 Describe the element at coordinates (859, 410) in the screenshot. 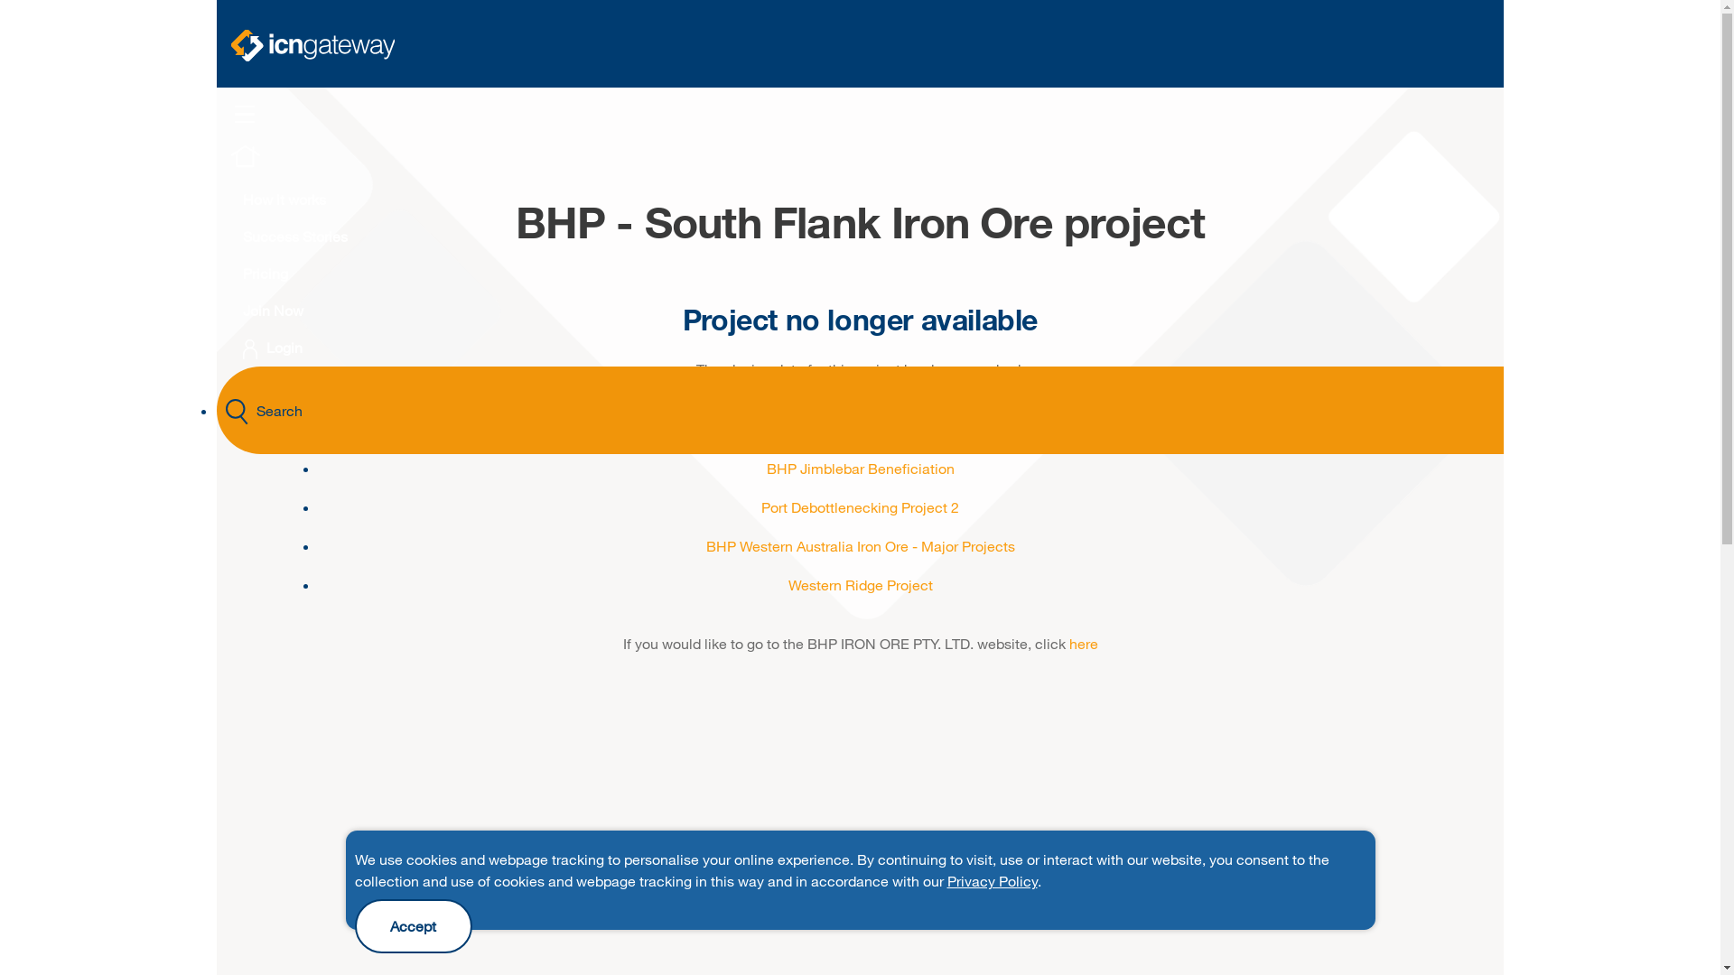

I see `'Search'` at that location.